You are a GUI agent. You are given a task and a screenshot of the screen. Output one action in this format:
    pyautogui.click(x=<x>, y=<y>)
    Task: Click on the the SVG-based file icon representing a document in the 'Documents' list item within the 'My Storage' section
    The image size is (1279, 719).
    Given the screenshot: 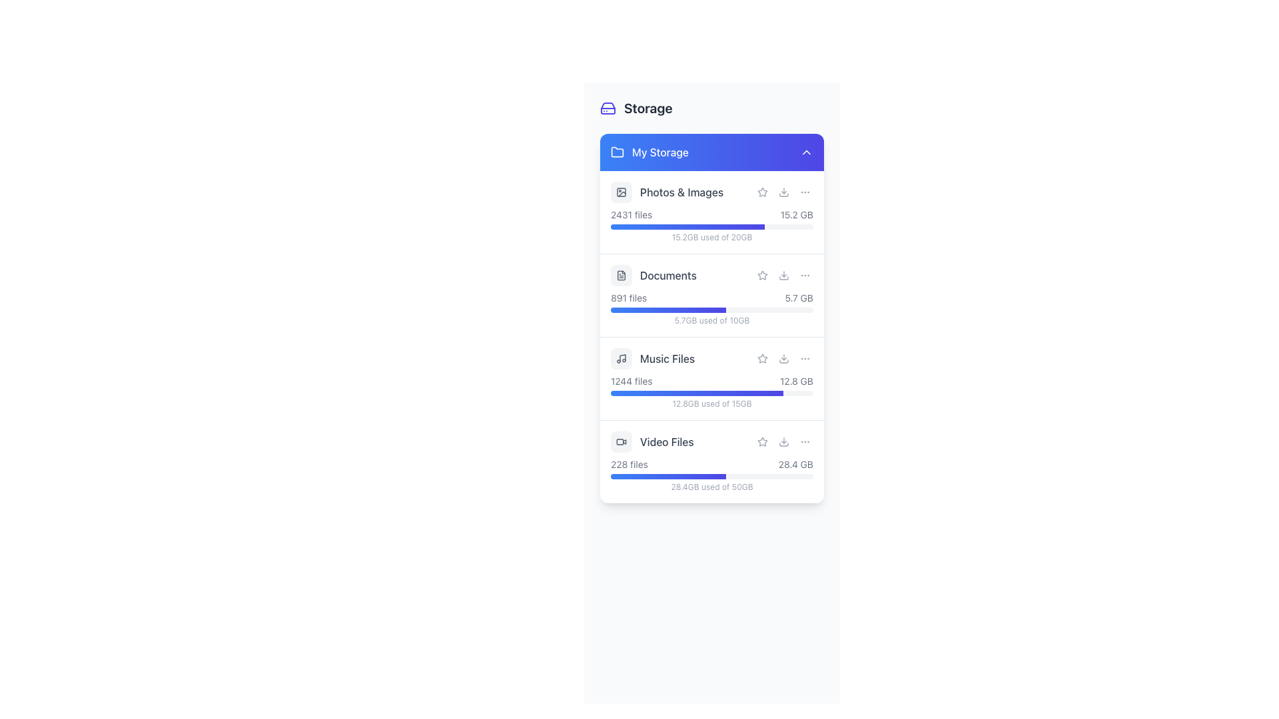 What is the action you would take?
    pyautogui.click(x=620, y=274)
    